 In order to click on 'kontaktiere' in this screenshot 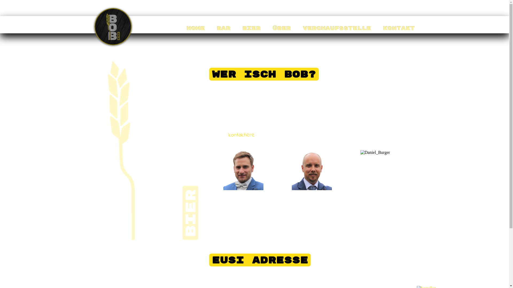, I will do `click(228, 135)`.